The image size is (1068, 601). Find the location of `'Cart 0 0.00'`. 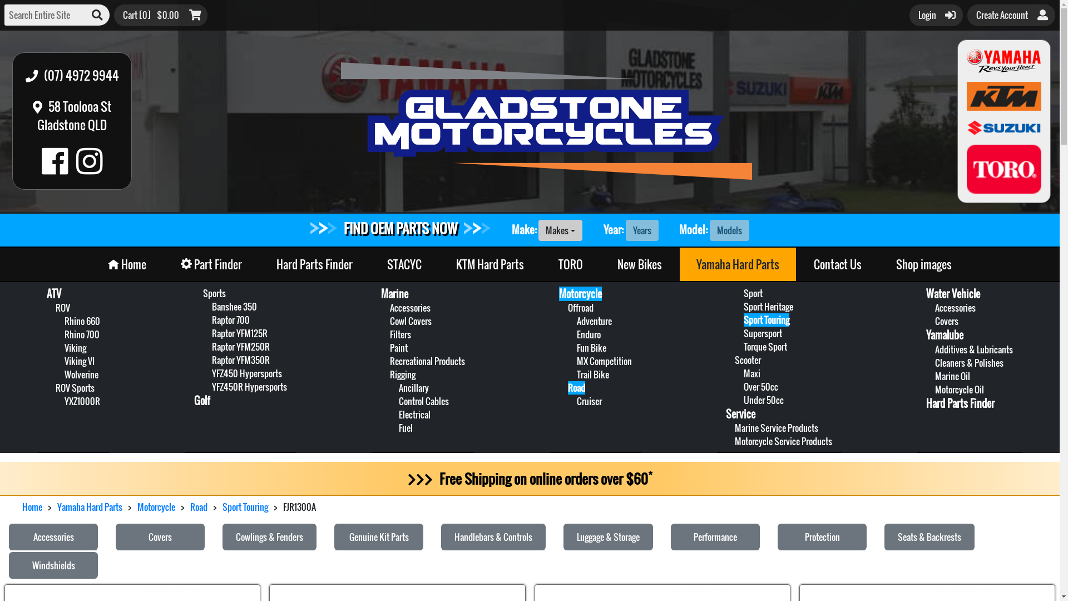

'Cart 0 0.00' is located at coordinates (160, 15).